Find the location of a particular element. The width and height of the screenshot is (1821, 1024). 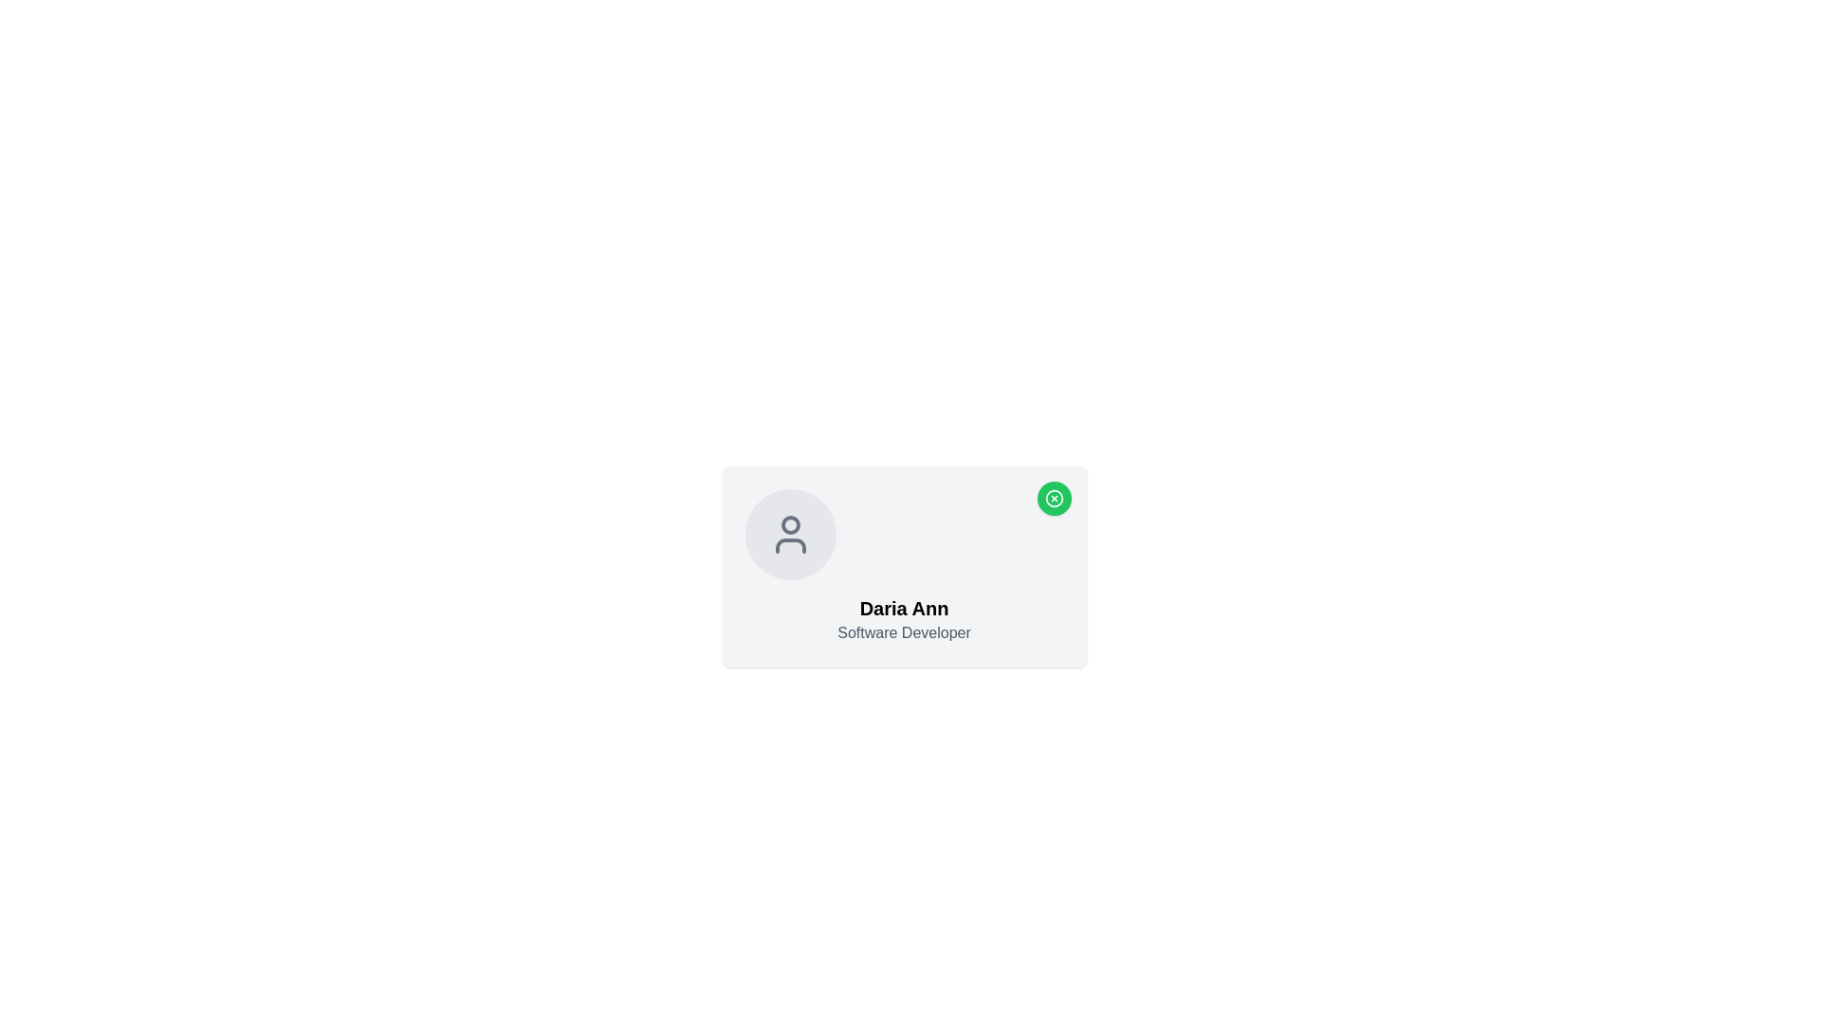

the SVG circle element representing the user's avatar within the user profile card is located at coordinates (790, 525).